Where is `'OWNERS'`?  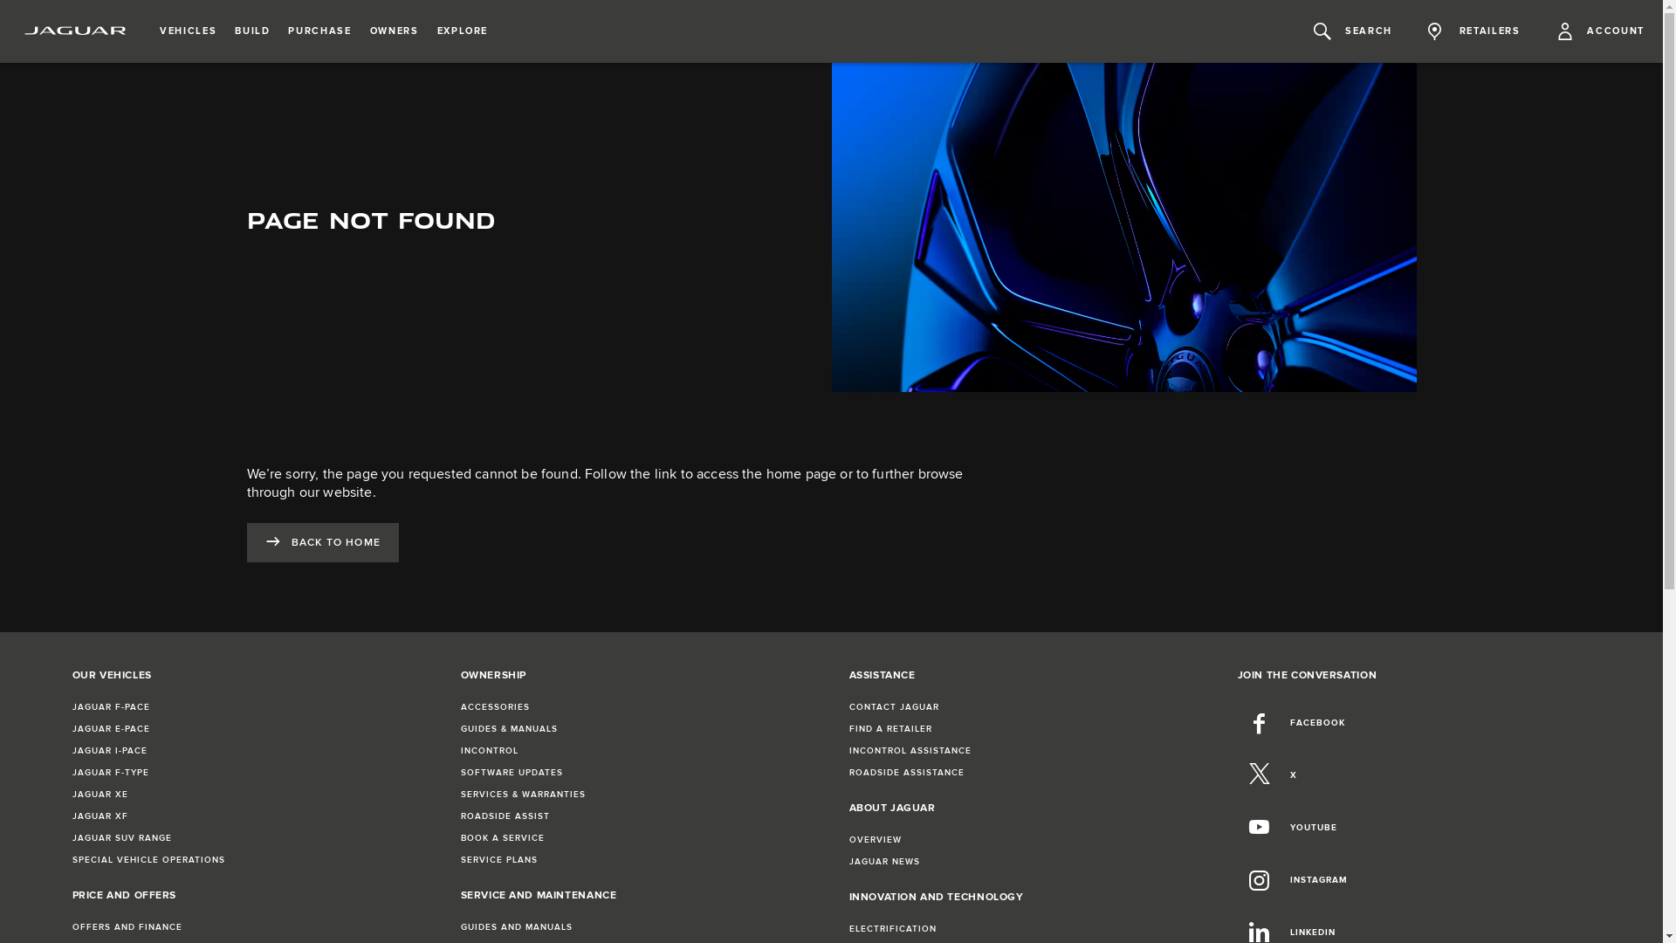 'OWNERS' is located at coordinates (393, 31).